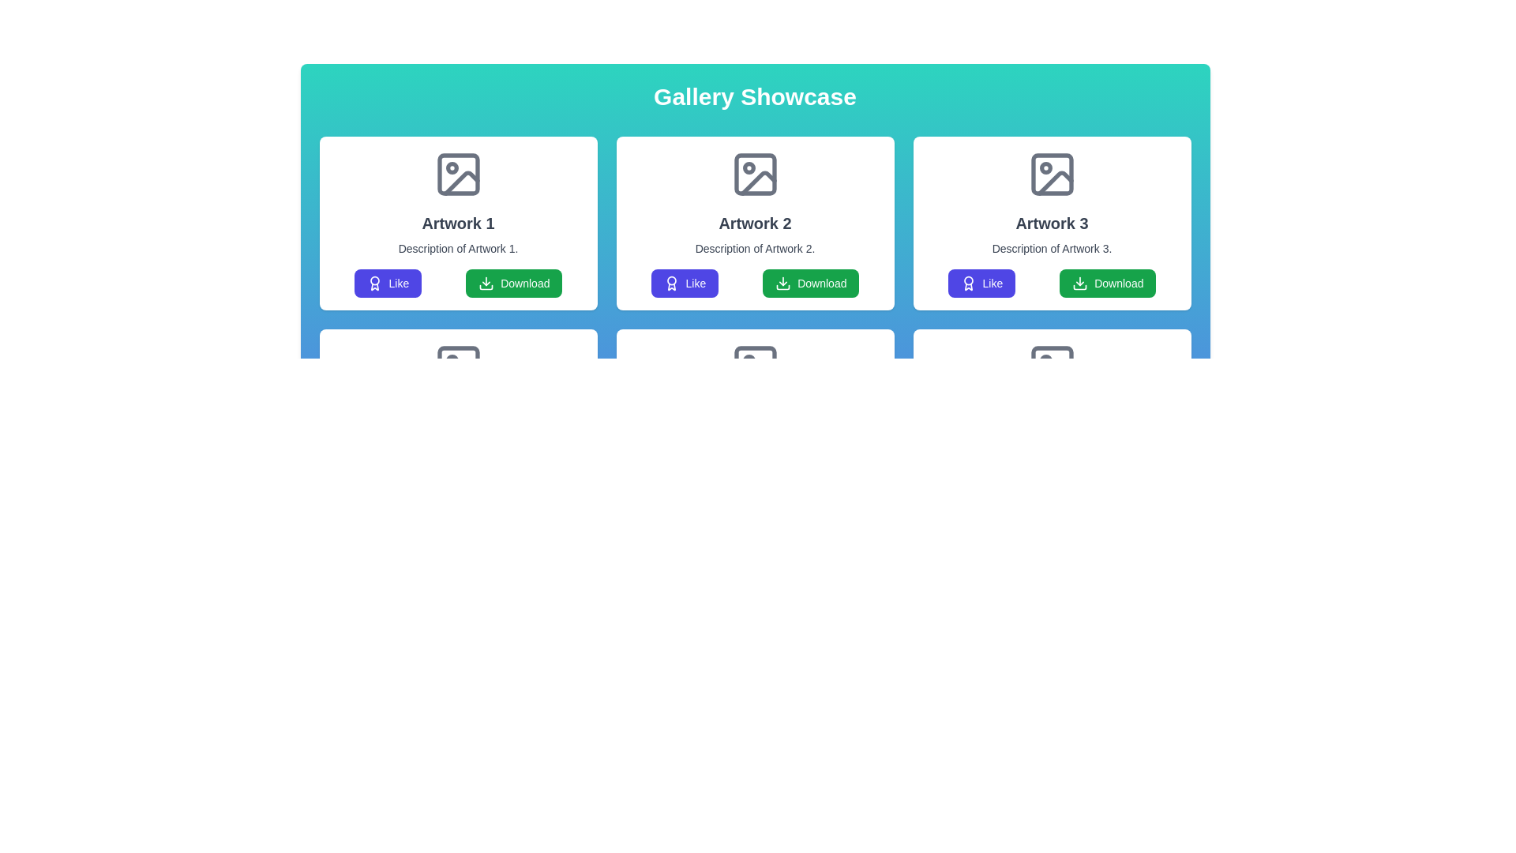  What do you see at coordinates (754, 223) in the screenshot?
I see `the bold text label 'Artwork 2', which is the second entry in a row of three identical artwork cards, positioned below an image placeholder and above the description text` at bounding box center [754, 223].